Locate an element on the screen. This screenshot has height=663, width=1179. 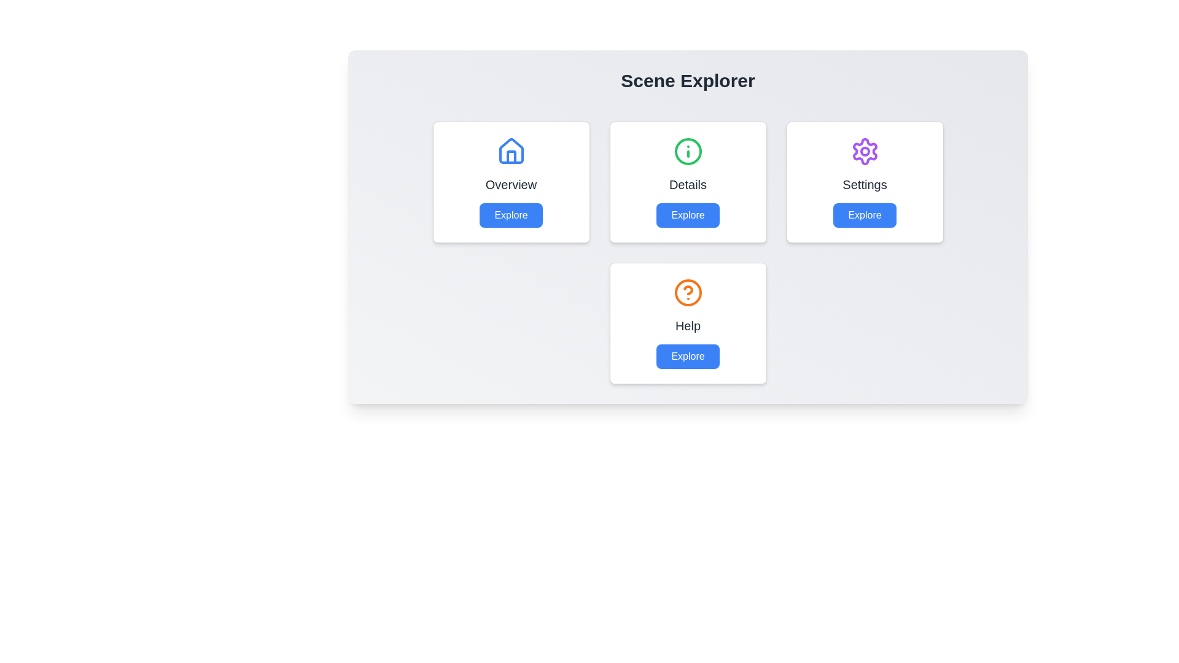
the text label that serves as a description or identifier for the card, located above the 'Explore' button and beneath the orange icon with a question mark, positioned in the bottom row of the interface is located at coordinates (688, 325).